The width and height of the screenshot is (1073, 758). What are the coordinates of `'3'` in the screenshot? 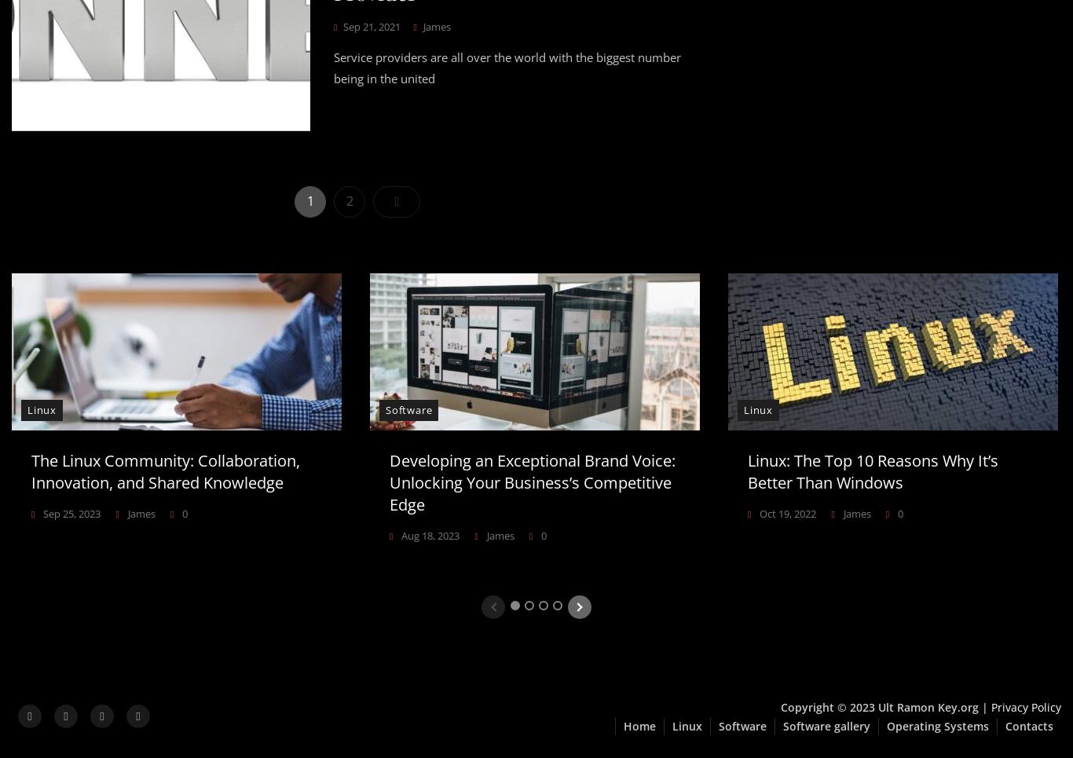 It's located at (544, 603).